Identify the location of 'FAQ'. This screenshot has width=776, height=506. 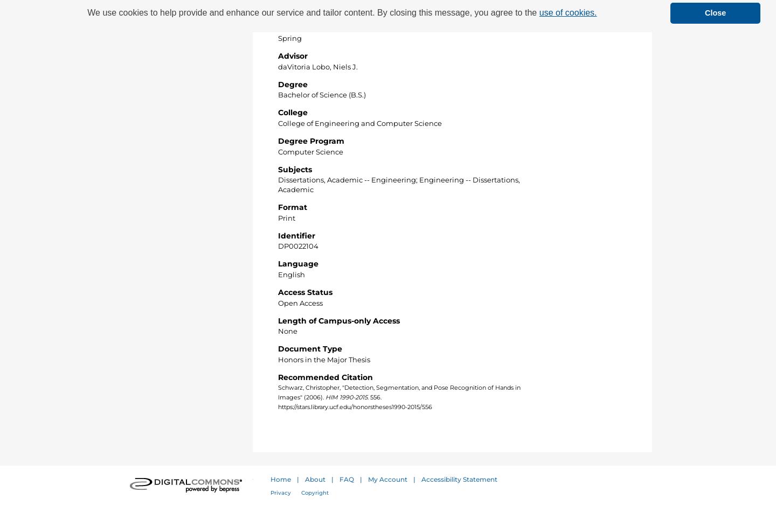
(346, 479).